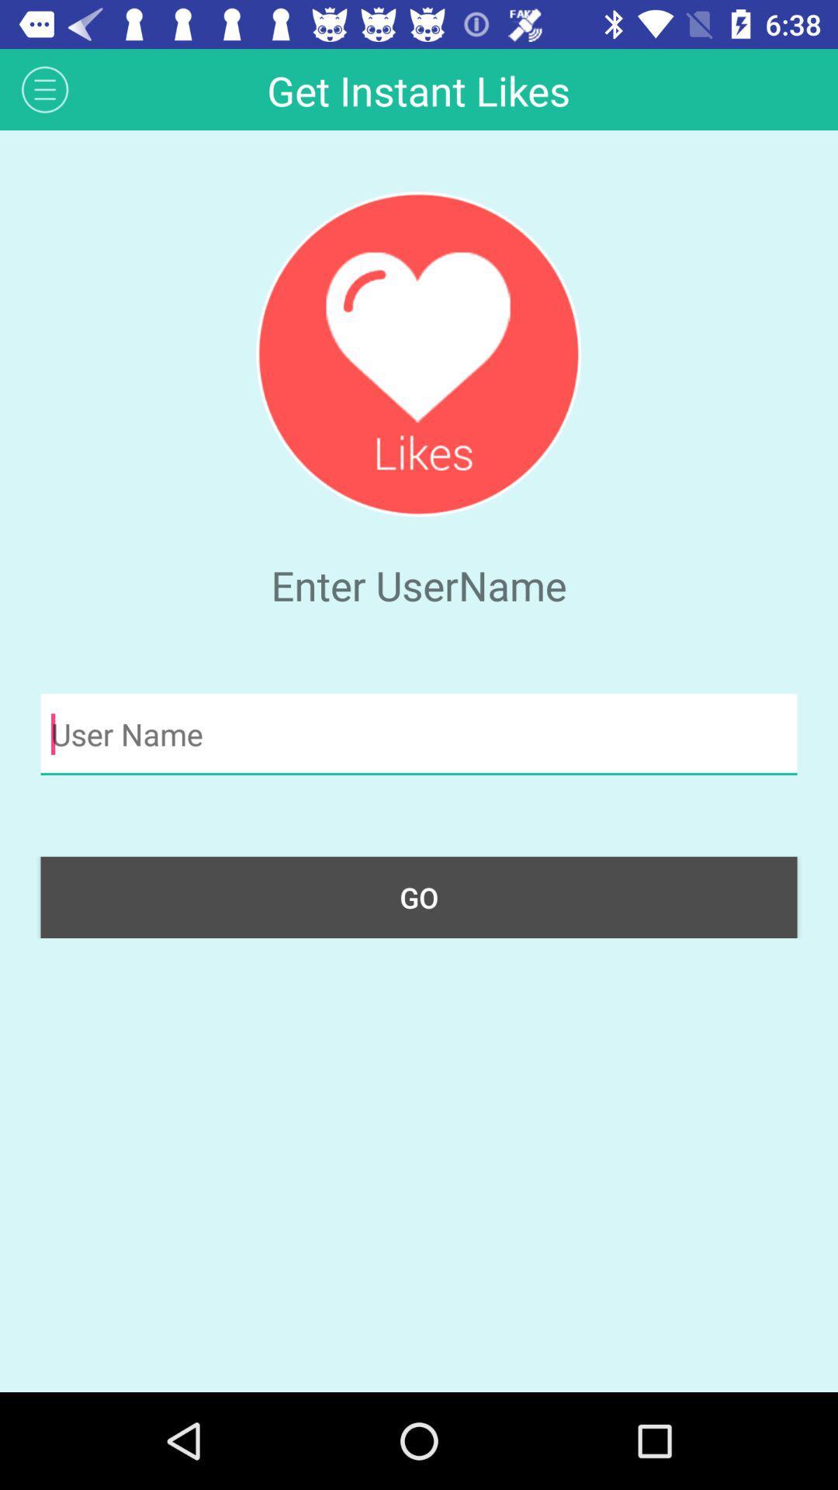  Describe the element at coordinates (44, 88) in the screenshot. I see `the menu icon` at that location.